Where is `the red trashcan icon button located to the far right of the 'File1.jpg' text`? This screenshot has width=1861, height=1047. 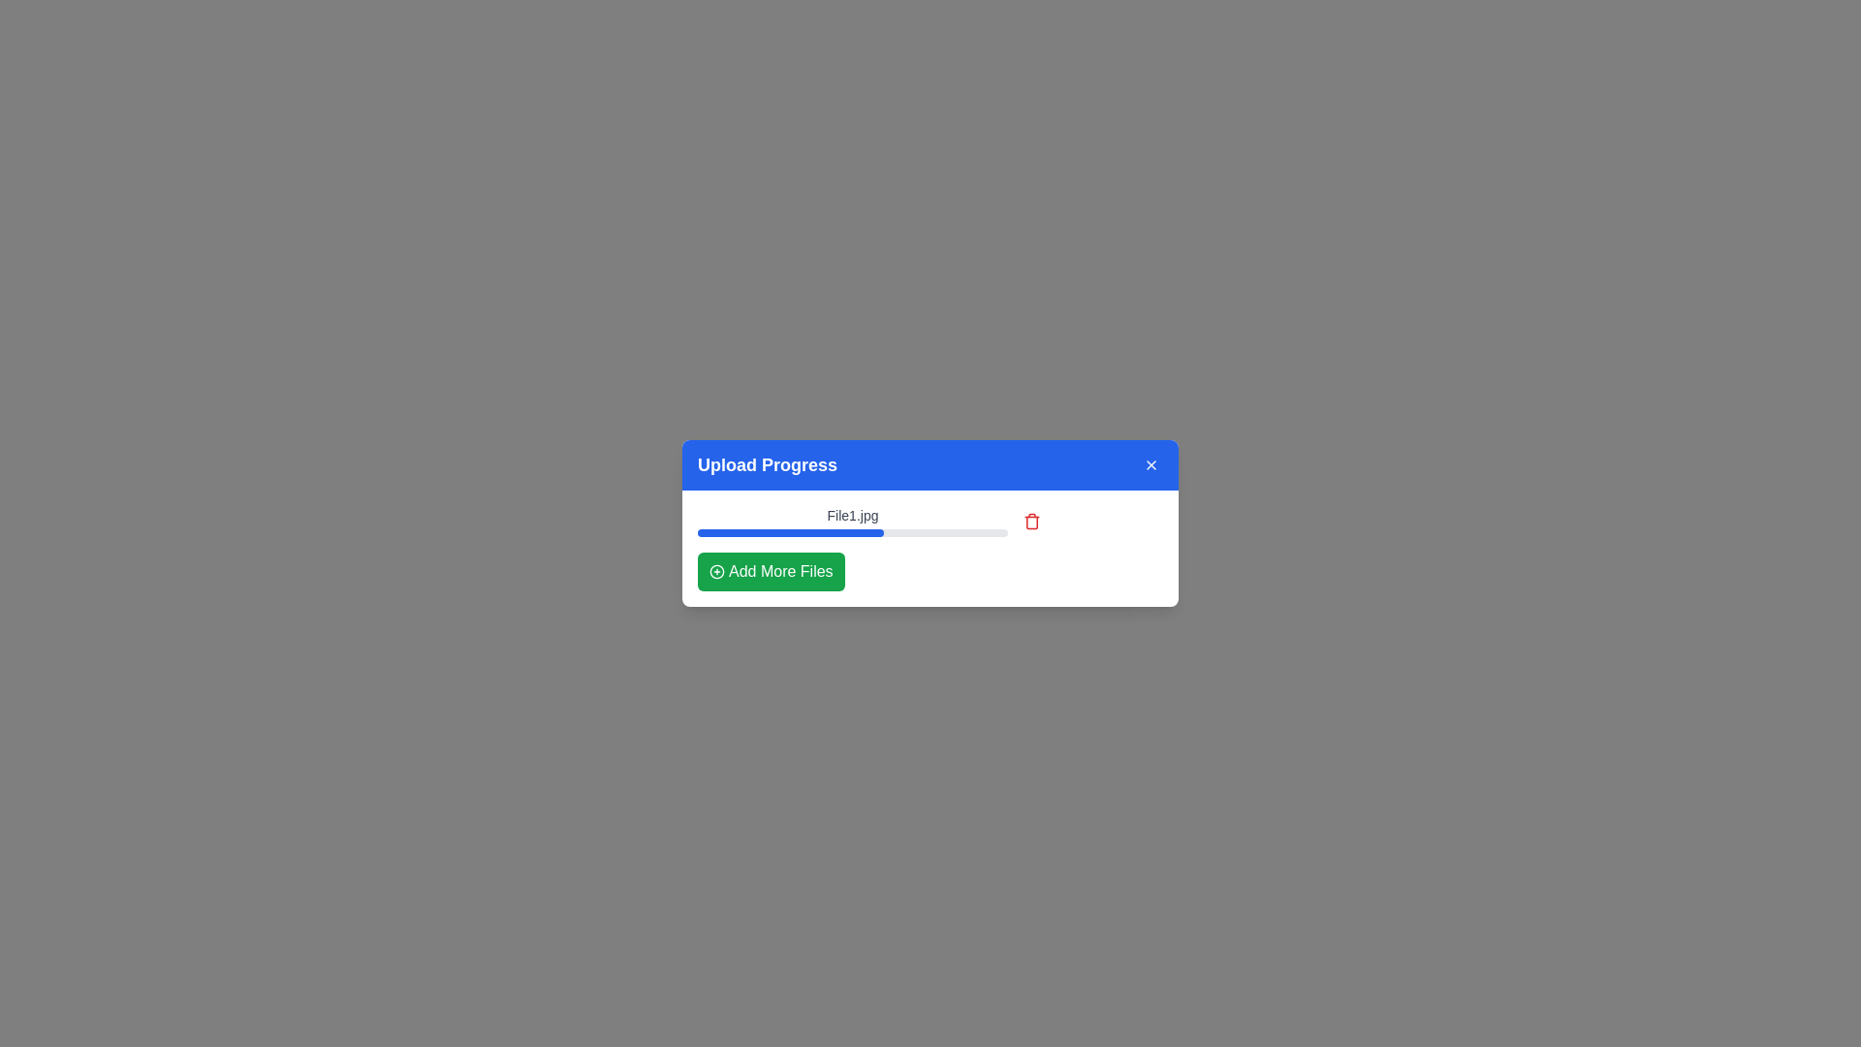
the red trashcan icon button located to the far right of the 'File1.jpg' text is located at coordinates (1031, 520).